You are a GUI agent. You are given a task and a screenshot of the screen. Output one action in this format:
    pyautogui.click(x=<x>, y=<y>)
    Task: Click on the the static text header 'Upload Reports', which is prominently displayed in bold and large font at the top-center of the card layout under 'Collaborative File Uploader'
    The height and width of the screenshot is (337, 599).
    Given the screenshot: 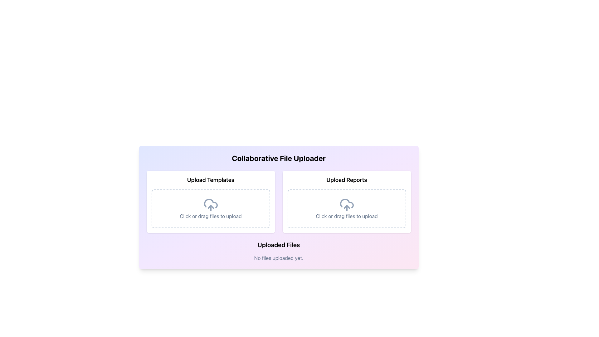 What is the action you would take?
    pyautogui.click(x=346, y=180)
    